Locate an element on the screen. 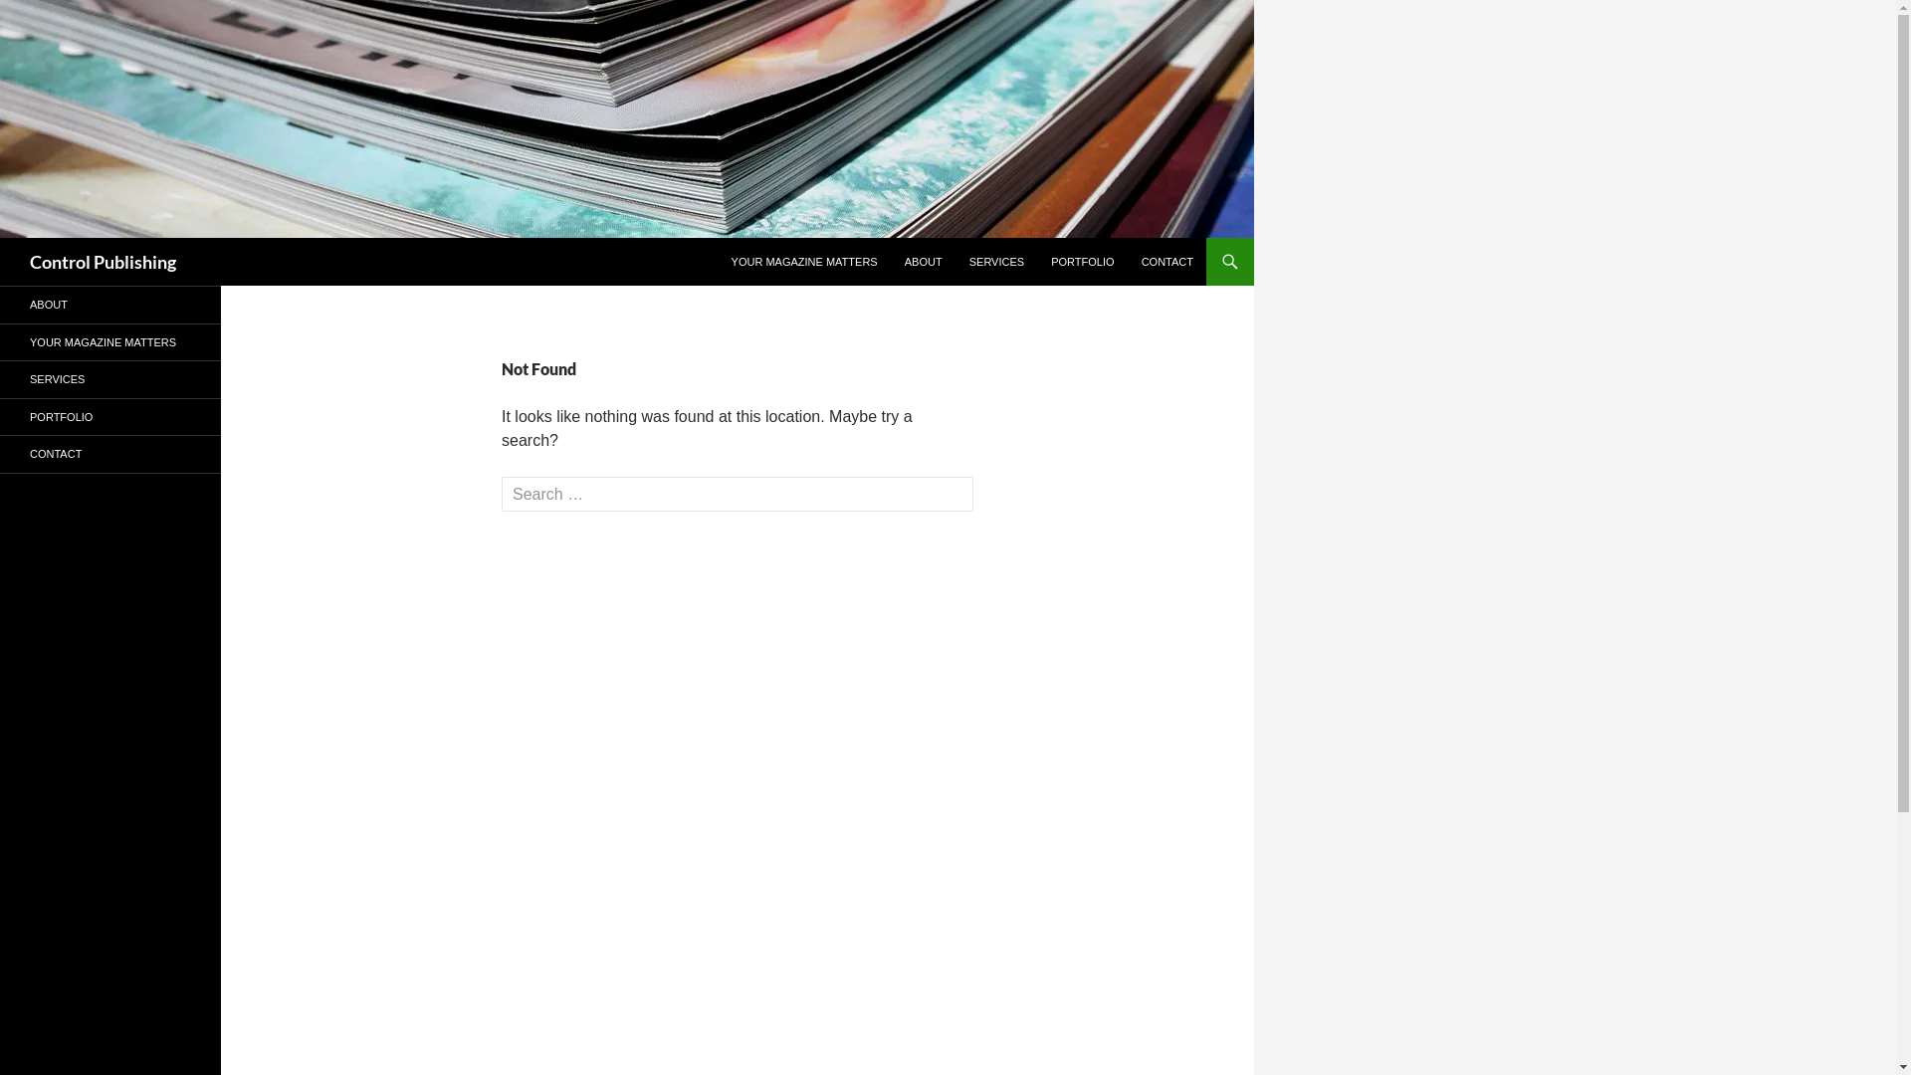 Image resolution: width=1911 pixels, height=1075 pixels. 'Control Publishing' is located at coordinates (29, 260).